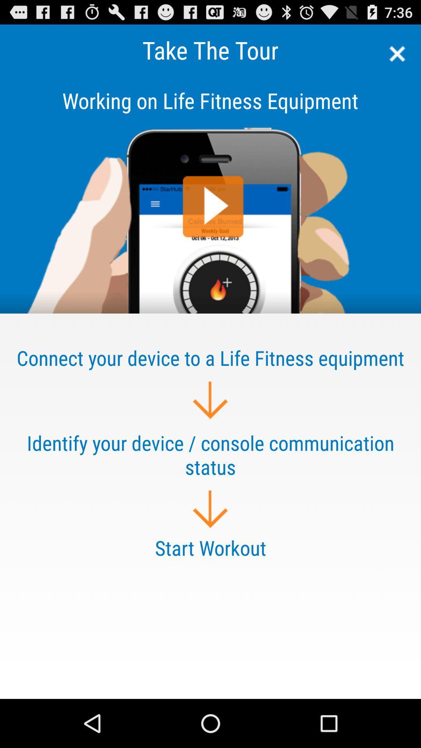  What do you see at coordinates (210, 194) in the screenshot?
I see `share article` at bounding box center [210, 194].